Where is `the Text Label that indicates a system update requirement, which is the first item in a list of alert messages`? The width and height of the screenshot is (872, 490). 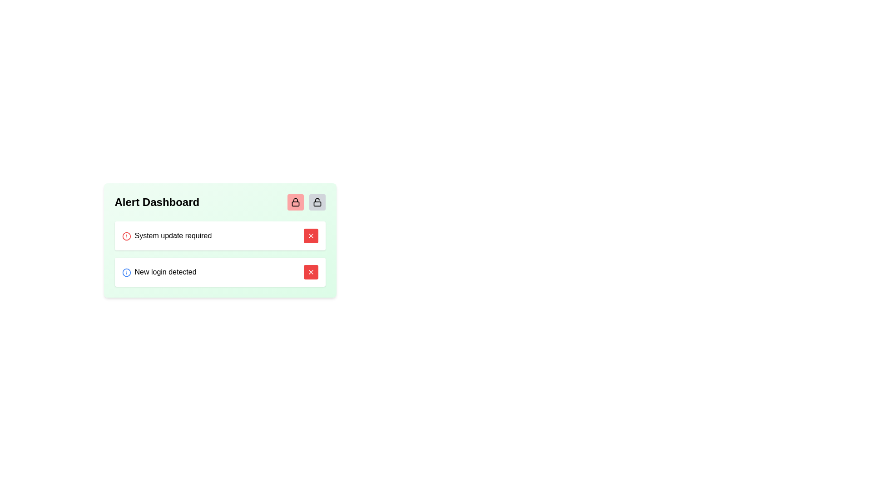
the Text Label that indicates a system update requirement, which is the first item in a list of alert messages is located at coordinates (167, 235).